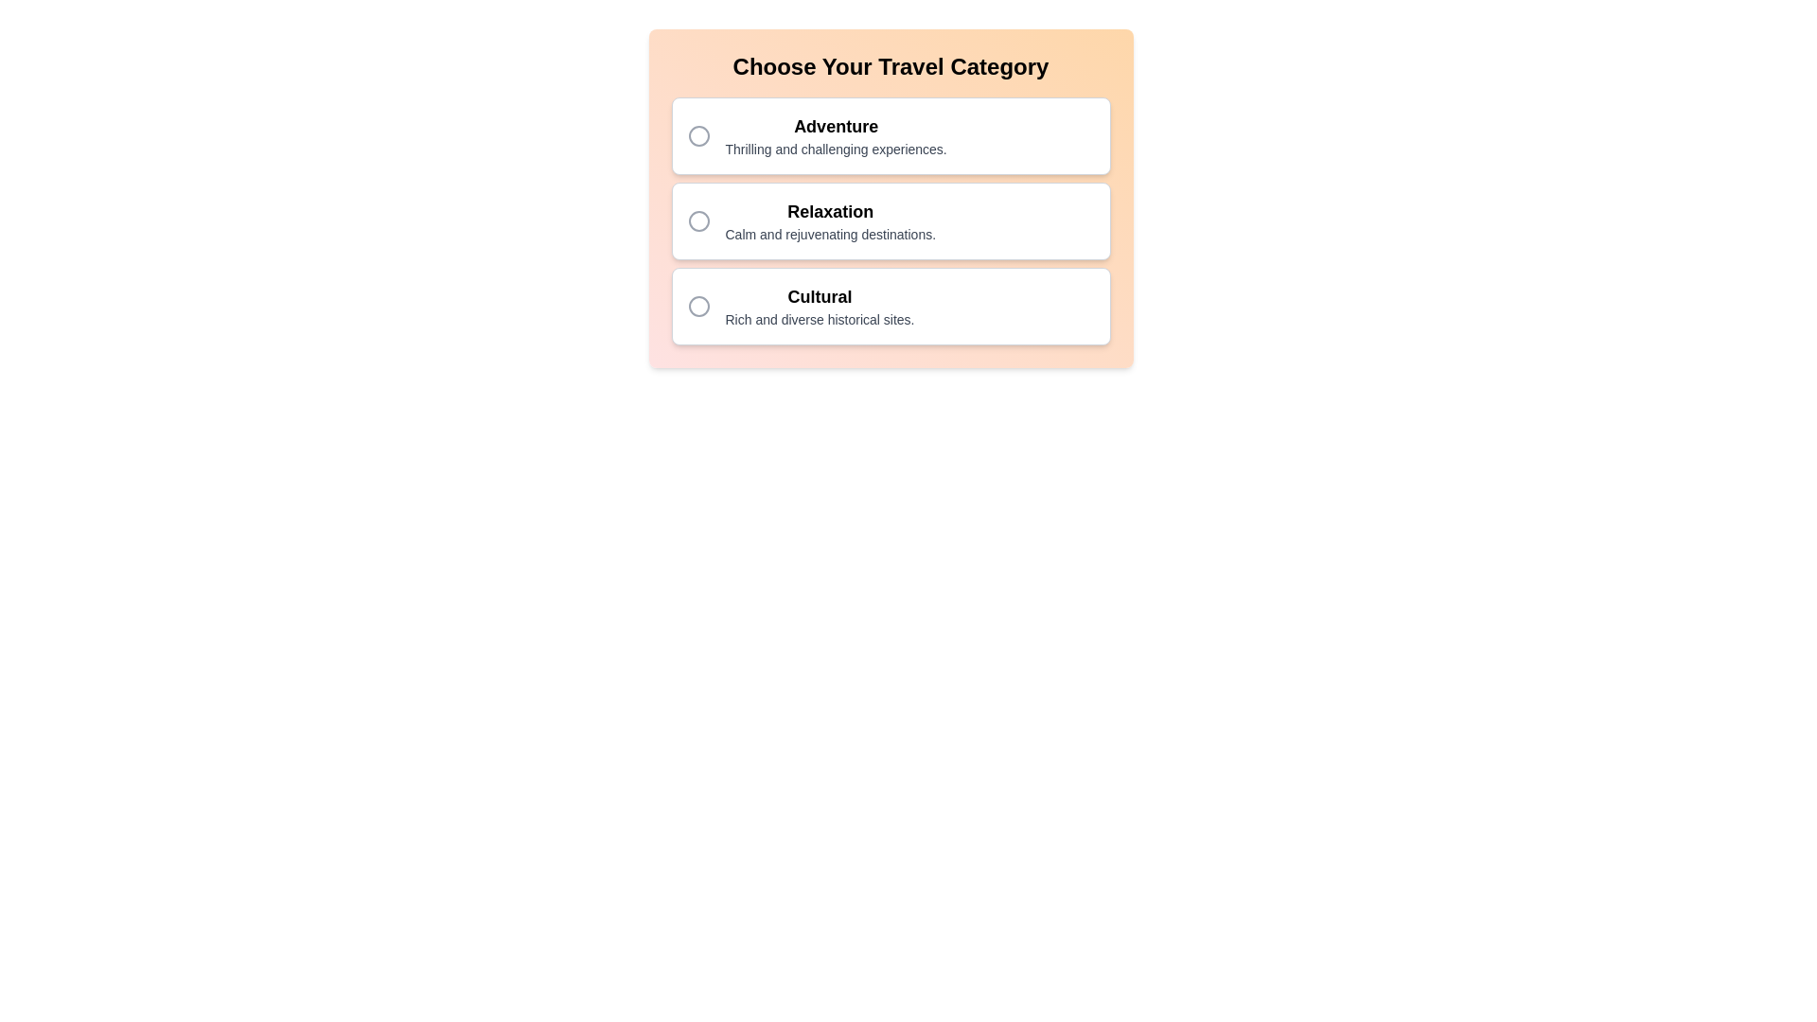  Describe the element at coordinates (835, 134) in the screenshot. I see `the text component displaying 'Adventure' and its description 'Thrilling and challenging experiences.' which is the first option under the heading 'Choose Your Travel Category'` at that location.